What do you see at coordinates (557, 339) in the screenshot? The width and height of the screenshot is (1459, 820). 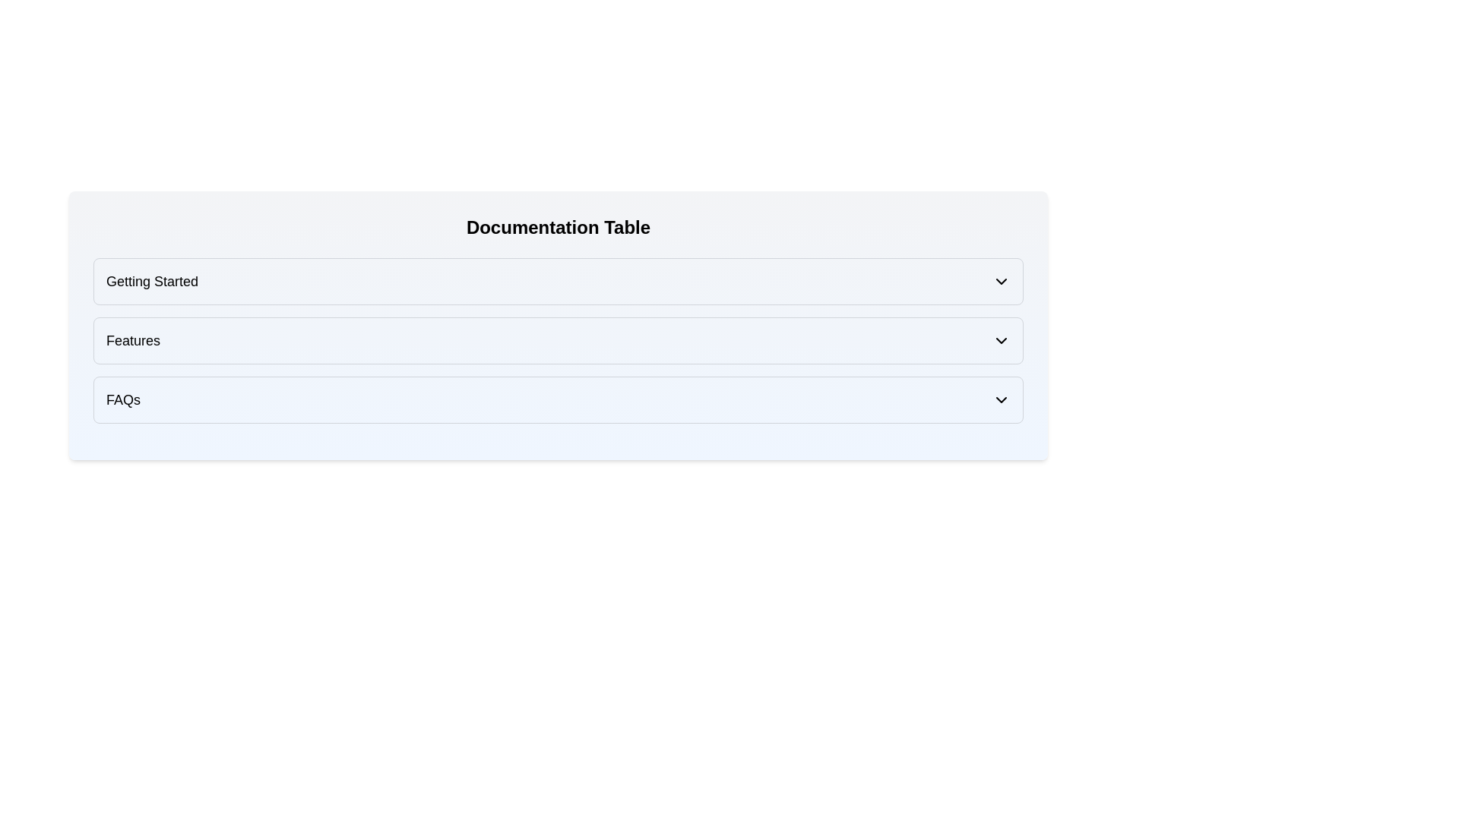 I see `the toggle button located below 'Getting Started' and above 'FAQs'` at bounding box center [557, 339].